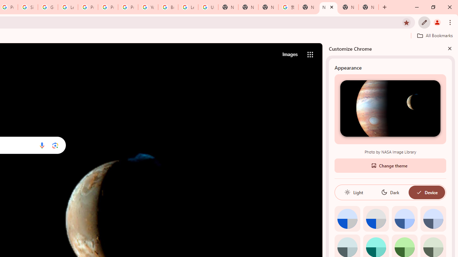 The height and width of the screenshot is (257, 458). Describe the element at coordinates (55, 145) in the screenshot. I see `'Search by image'` at that location.